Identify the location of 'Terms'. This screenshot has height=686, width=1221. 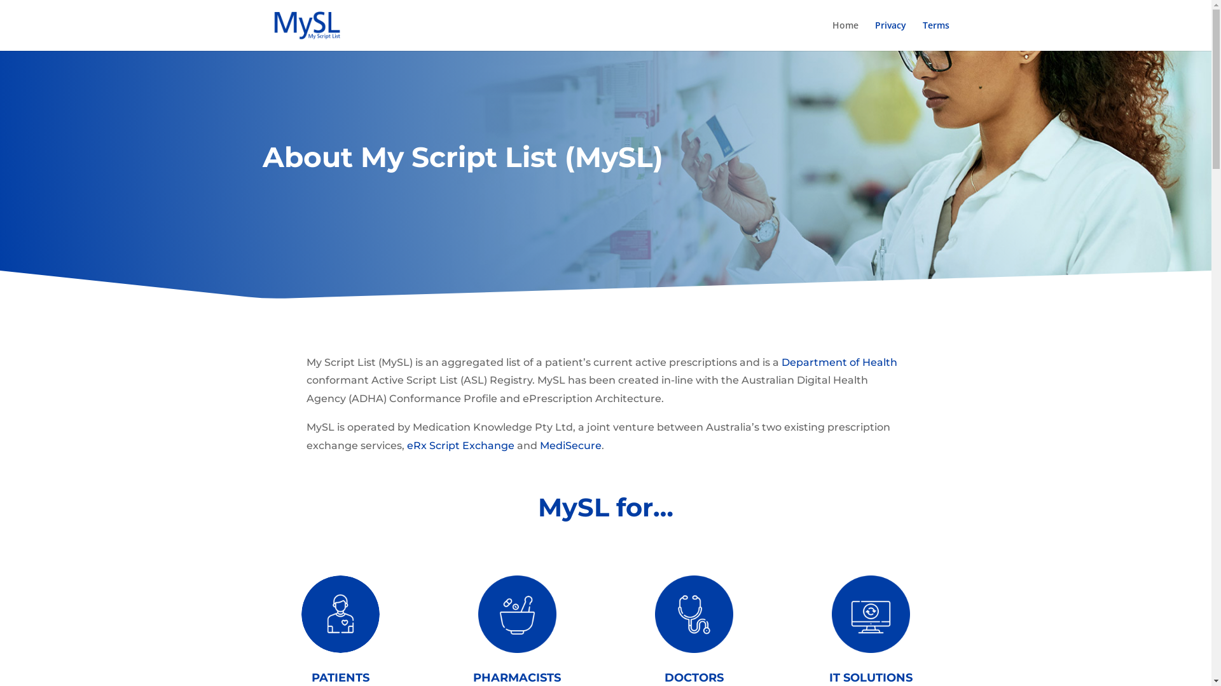
(935, 35).